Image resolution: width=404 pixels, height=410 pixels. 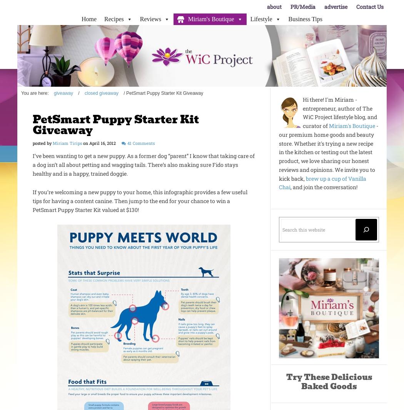 I want to click on 'Business Tips', so click(x=305, y=19).